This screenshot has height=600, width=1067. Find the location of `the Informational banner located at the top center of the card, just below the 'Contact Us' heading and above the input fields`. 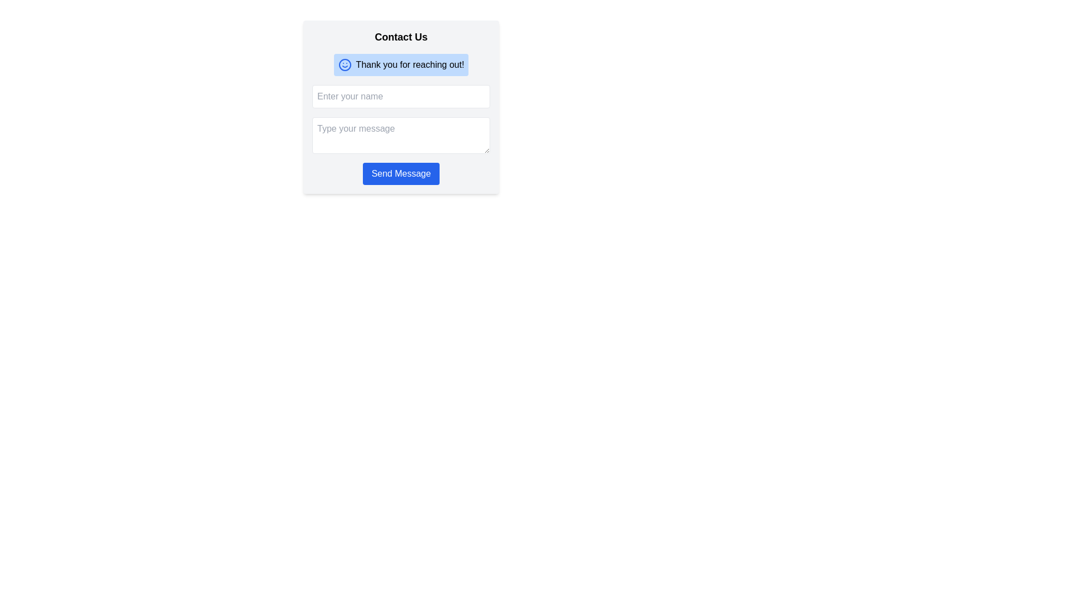

the Informational banner located at the top center of the card, just below the 'Contact Us' heading and above the input fields is located at coordinates (400, 64).